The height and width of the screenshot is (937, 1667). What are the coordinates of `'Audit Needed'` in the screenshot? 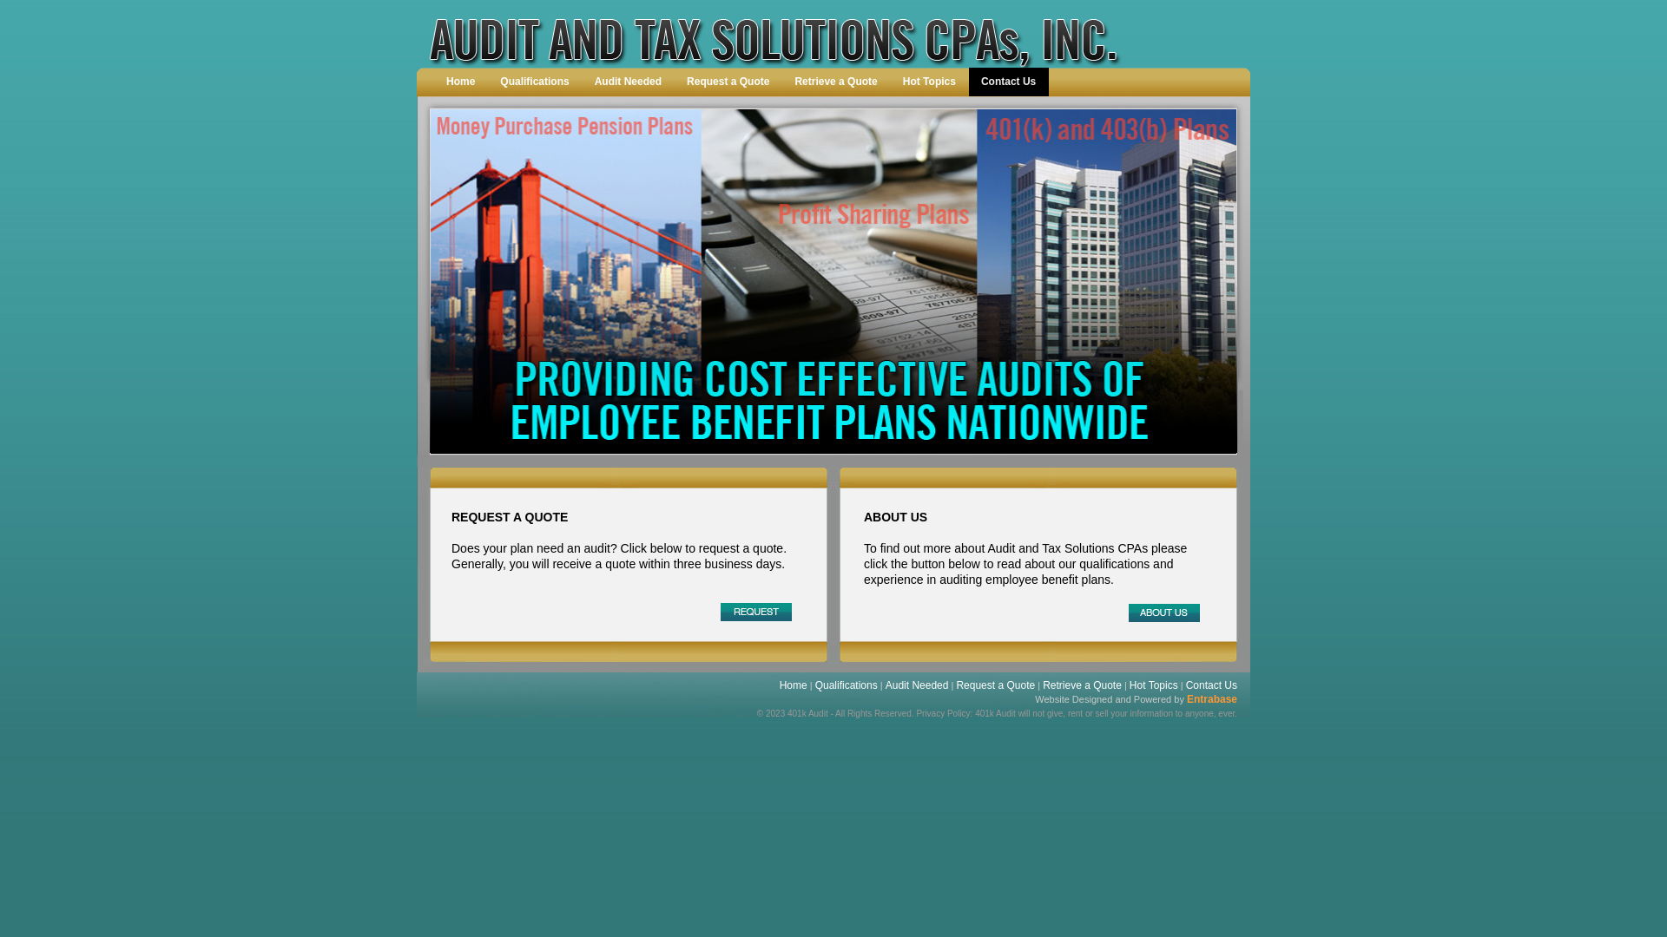 It's located at (916, 685).